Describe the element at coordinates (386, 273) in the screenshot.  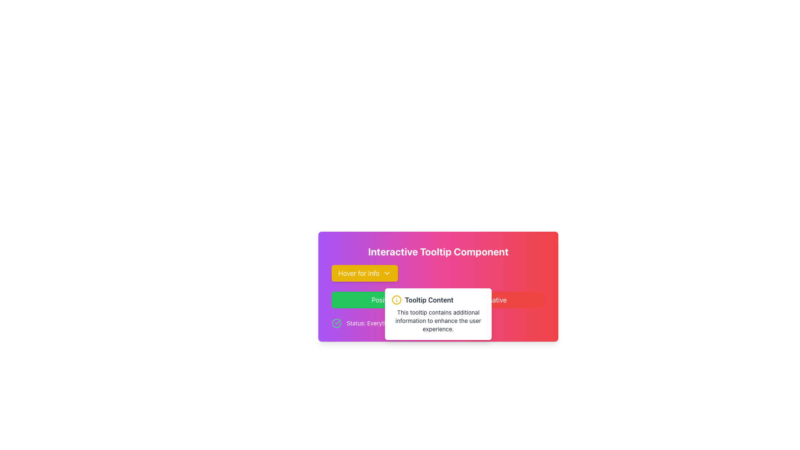
I see `the downward-pointing chevron icon located at the right end of the yellow button labeled 'Hover for Info' to interact with it` at that location.